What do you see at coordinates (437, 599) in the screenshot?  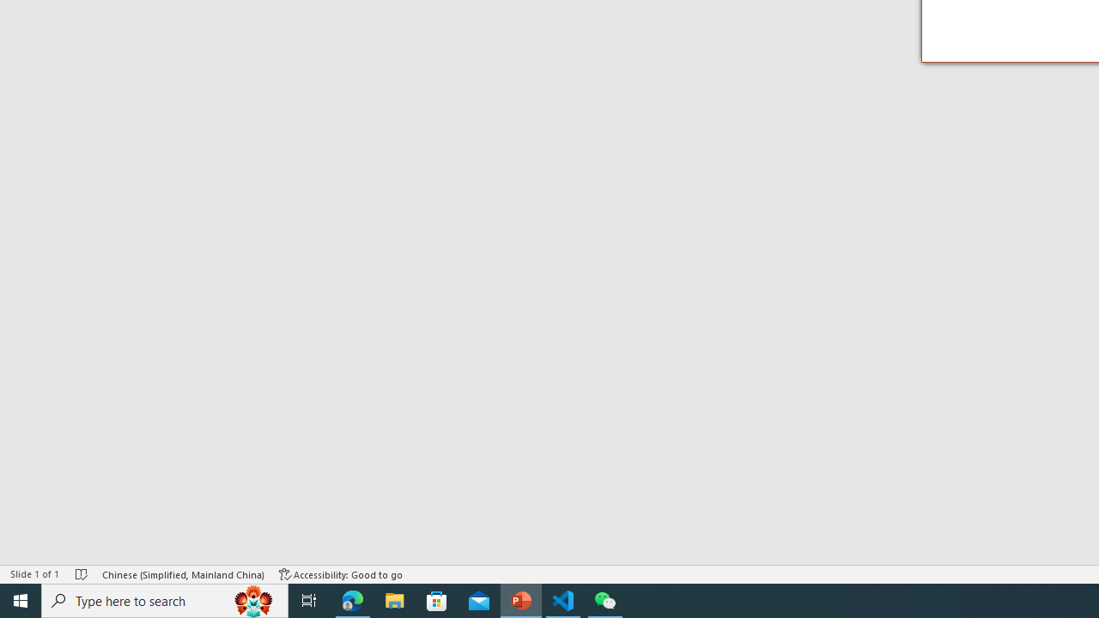 I see `'Microsoft Store'` at bounding box center [437, 599].